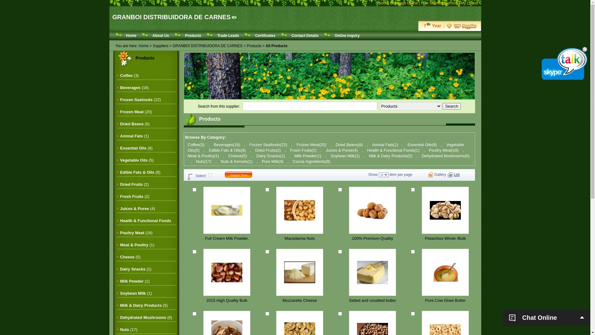 This screenshot has height=335, width=595. What do you see at coordinates (134, 196) in the screenshot?
I see `'Fresh Fruits (2)'` at bounding box center [134, 196].